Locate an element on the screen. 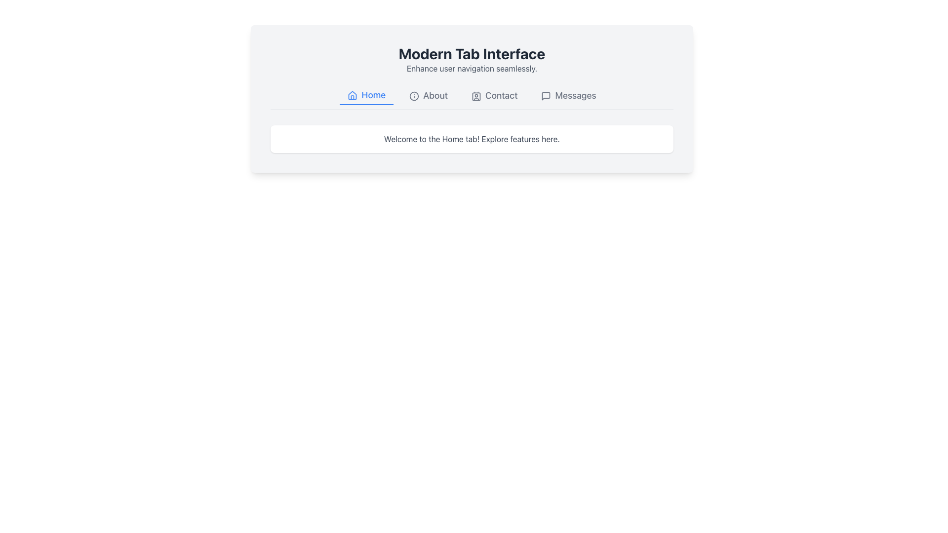  the information icon represented as a gray circle with an 'i' in the center, located to the left of the 'About' label in the navigation bar is located at coordinates (414, 96).